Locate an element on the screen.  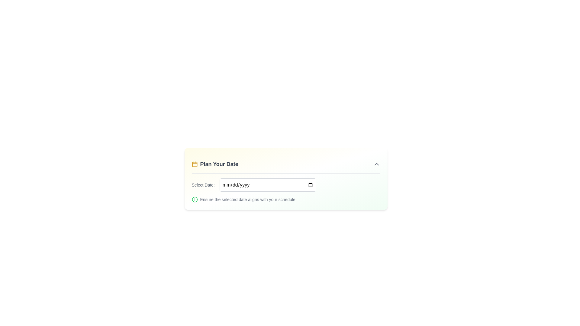
the informational icon and text 'Ensure the selected date aligns with your schedule' located below the date selection field in the 'Plan Your Date' section is located at coordinates (285, 199).